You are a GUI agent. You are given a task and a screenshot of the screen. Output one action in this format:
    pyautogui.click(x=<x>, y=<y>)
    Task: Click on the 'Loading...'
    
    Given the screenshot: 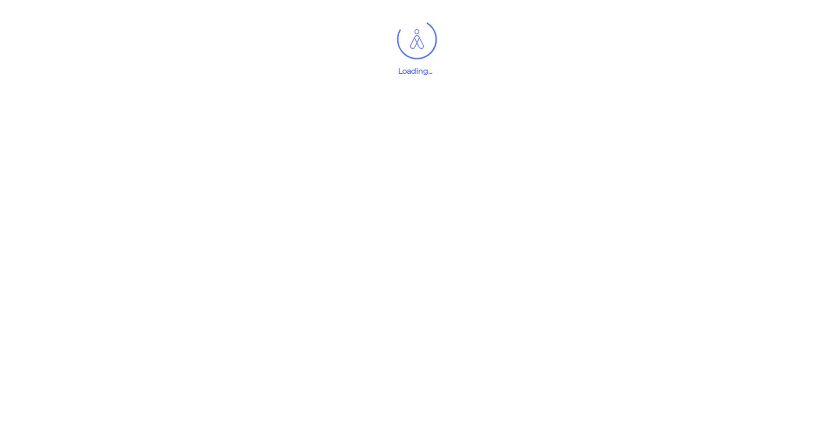 What is the action you would take?
    pyautogui.click(x=397, y=71)
    